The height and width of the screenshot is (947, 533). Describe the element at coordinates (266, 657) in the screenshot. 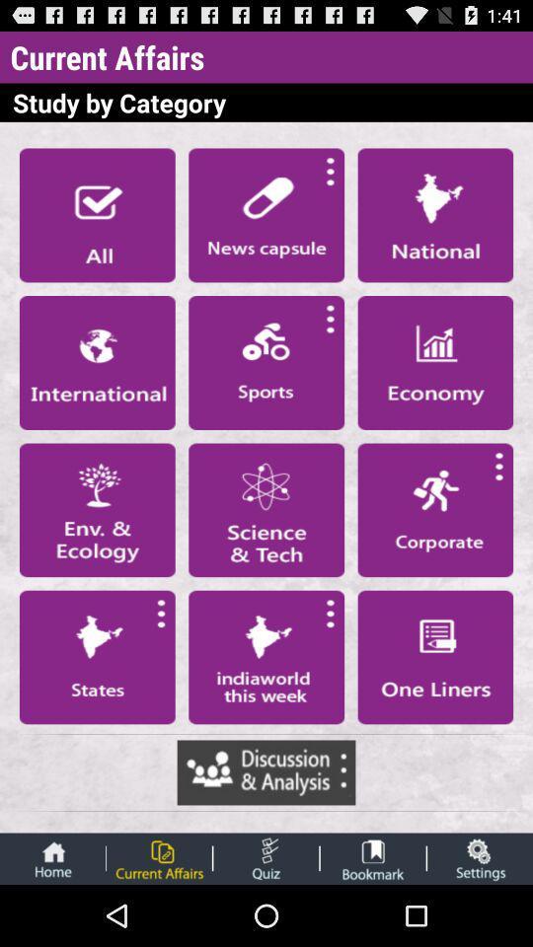

I see `opens the indiaworld this week category` at that location.